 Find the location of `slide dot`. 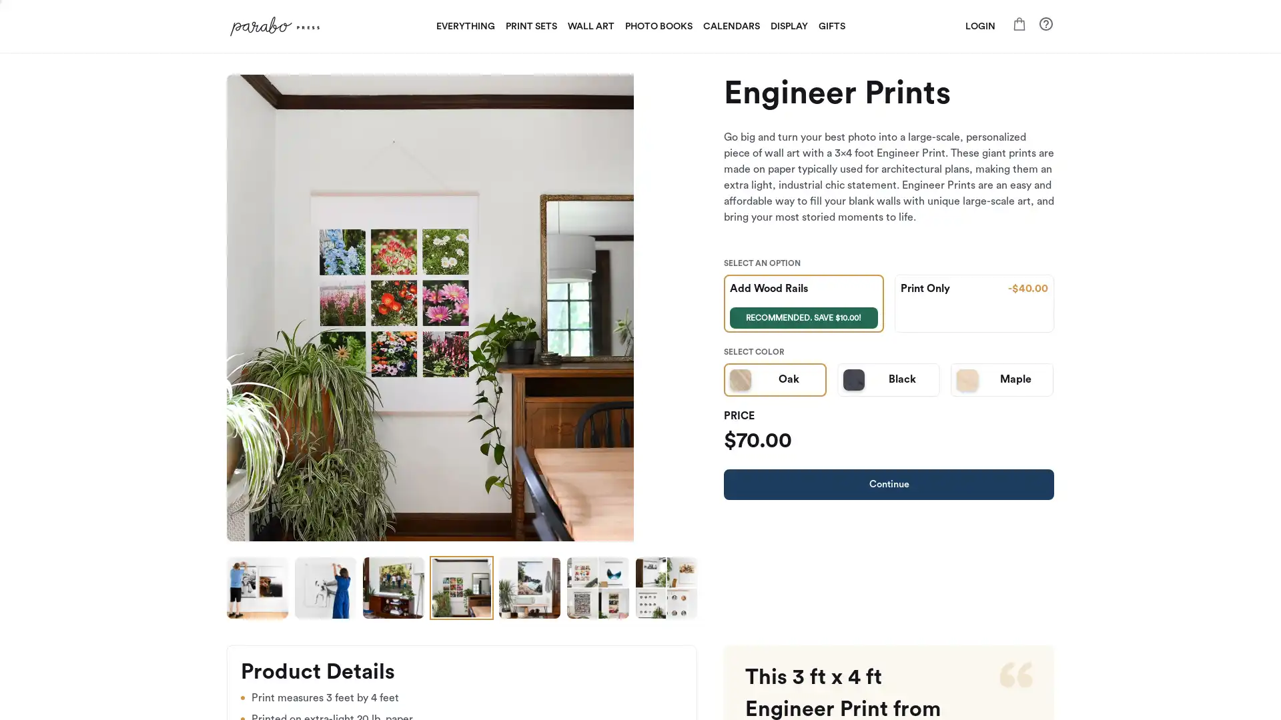

slide dot is located at coordinates (666, 587).